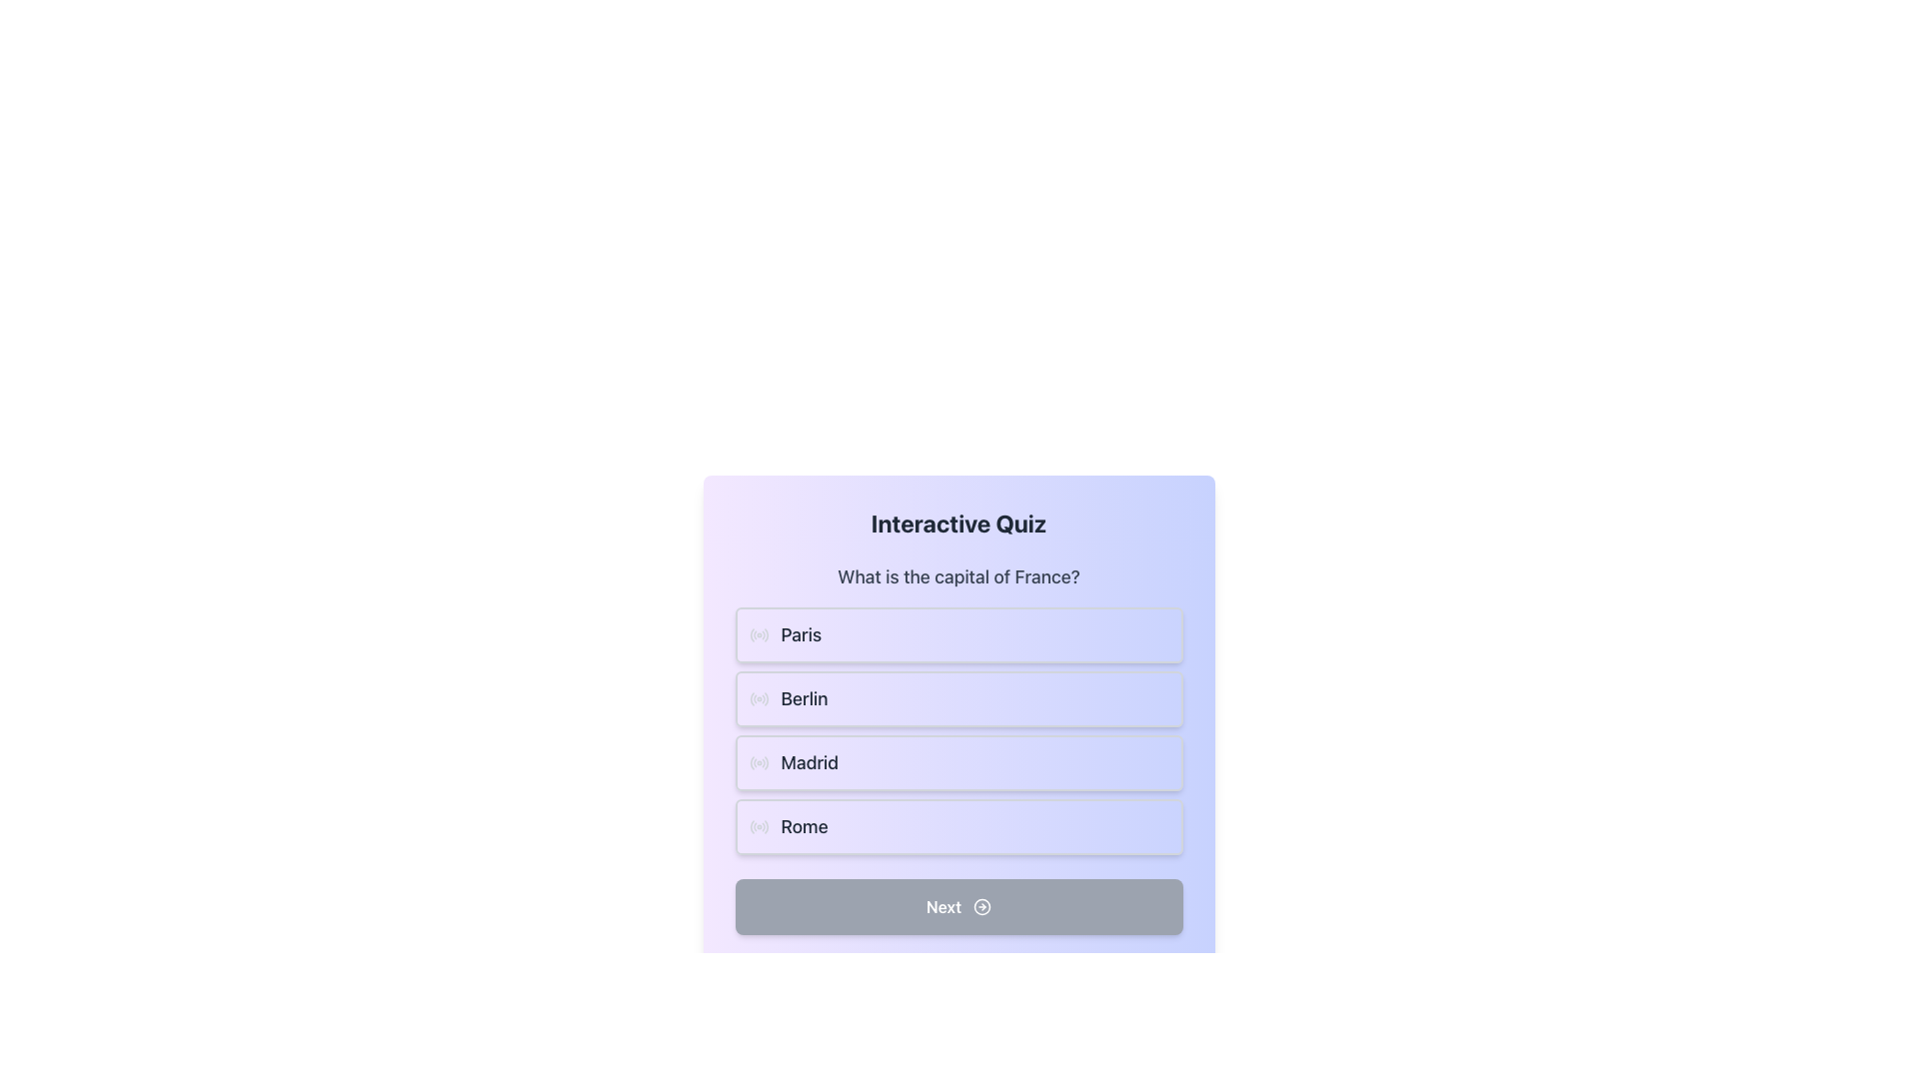 This screenshot has height=1079, width=1919. I want to click on question prompt displayed in the text label that says 'What is the capital of France?' located above the answer choices in the interactive quiz, so click(958, 577).